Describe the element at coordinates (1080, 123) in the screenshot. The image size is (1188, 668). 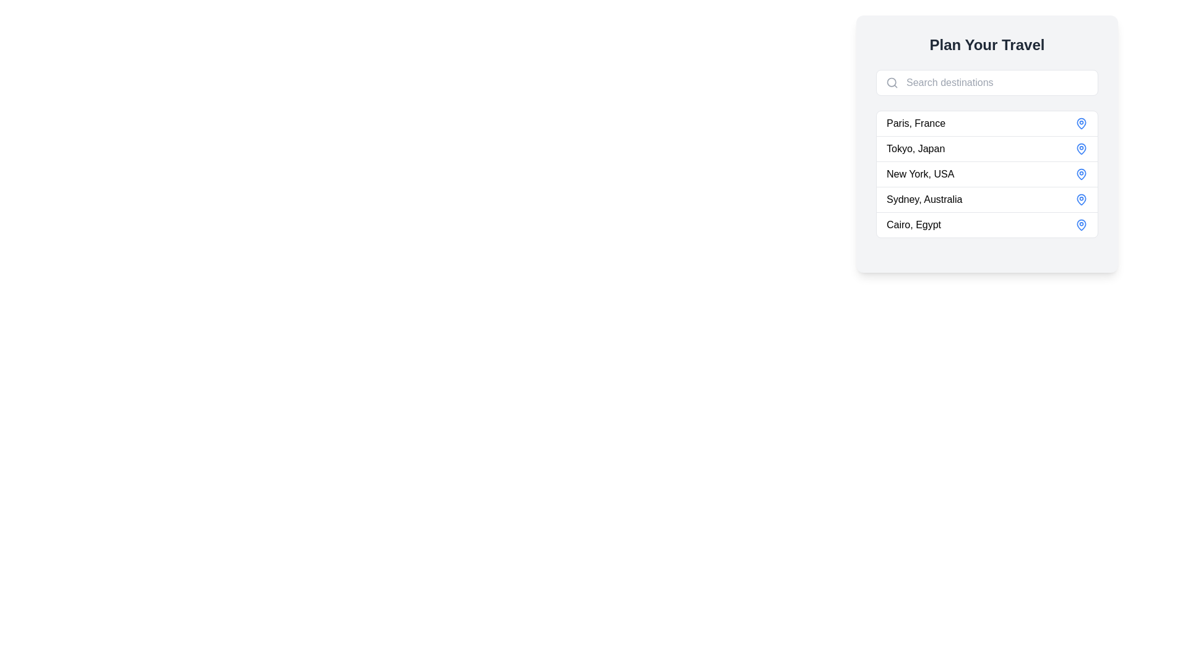
I see `the pin icon located at the end of the first row for the destination 'Paris, France', which serves as an indicator of the location` at that location.